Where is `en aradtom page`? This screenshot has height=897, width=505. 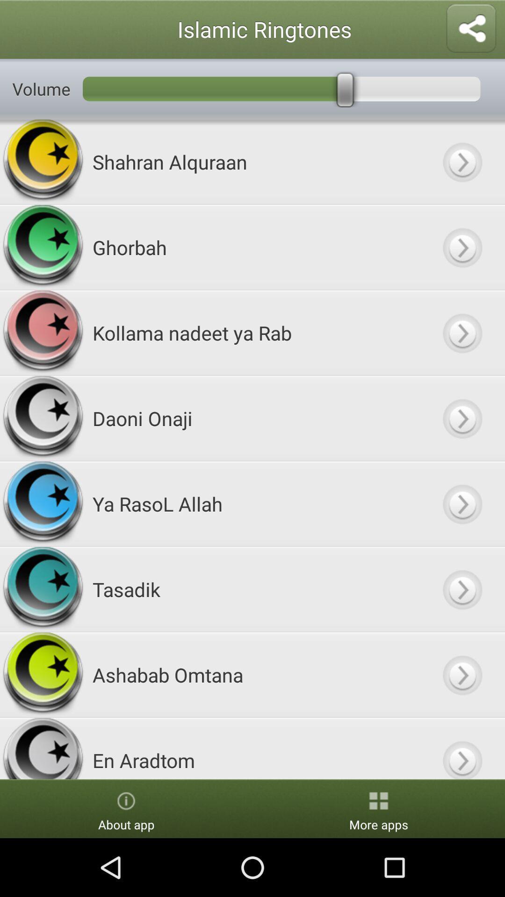 en aradtom page is located at coordinates (462, 748).